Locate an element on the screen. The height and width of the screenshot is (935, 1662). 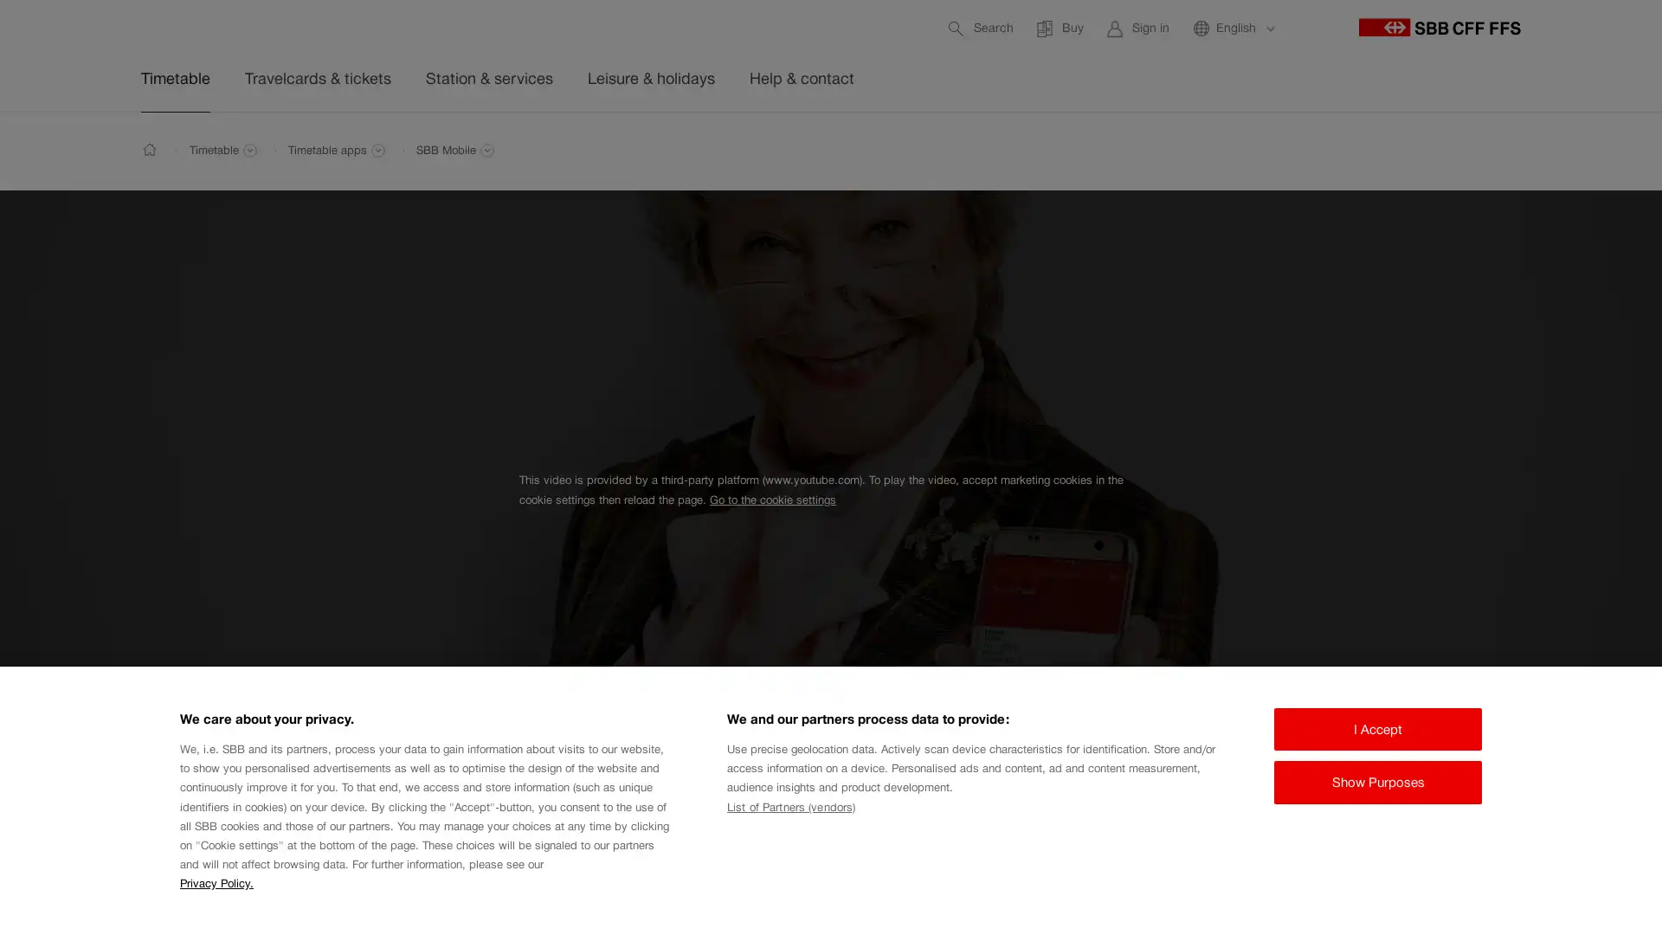
Close active menu item Leisure & holidays. is located at coordinates (1541, 152).